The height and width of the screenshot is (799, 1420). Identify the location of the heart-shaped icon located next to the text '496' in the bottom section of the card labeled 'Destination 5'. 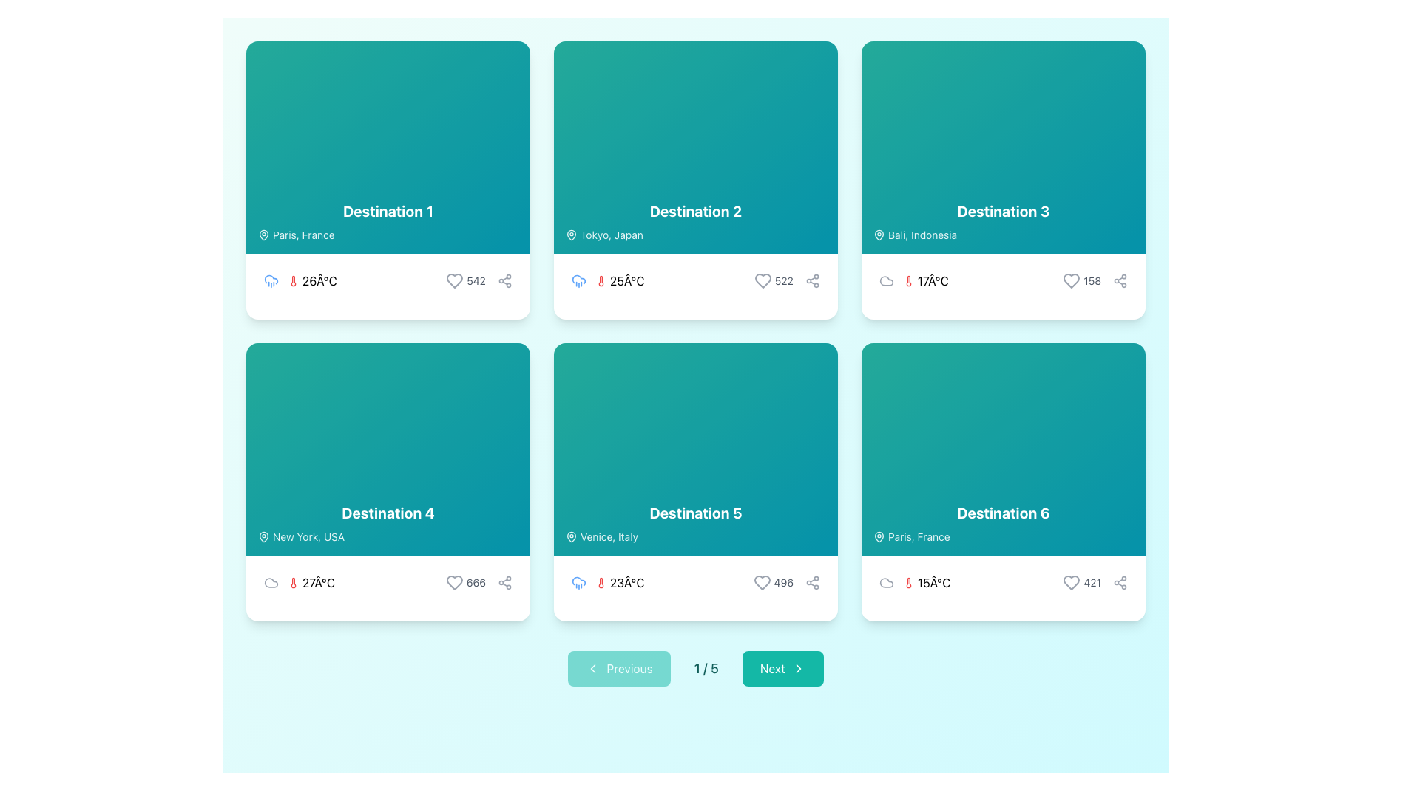
(762, 581).